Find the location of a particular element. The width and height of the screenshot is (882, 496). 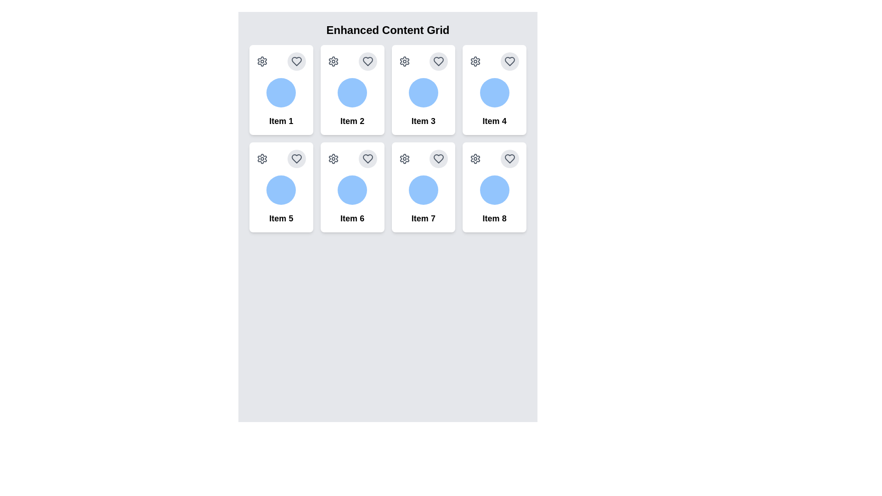

the settings icon button located at the top-left position of the contextual card for 'Item 3' is located at coordinates (404, 62).